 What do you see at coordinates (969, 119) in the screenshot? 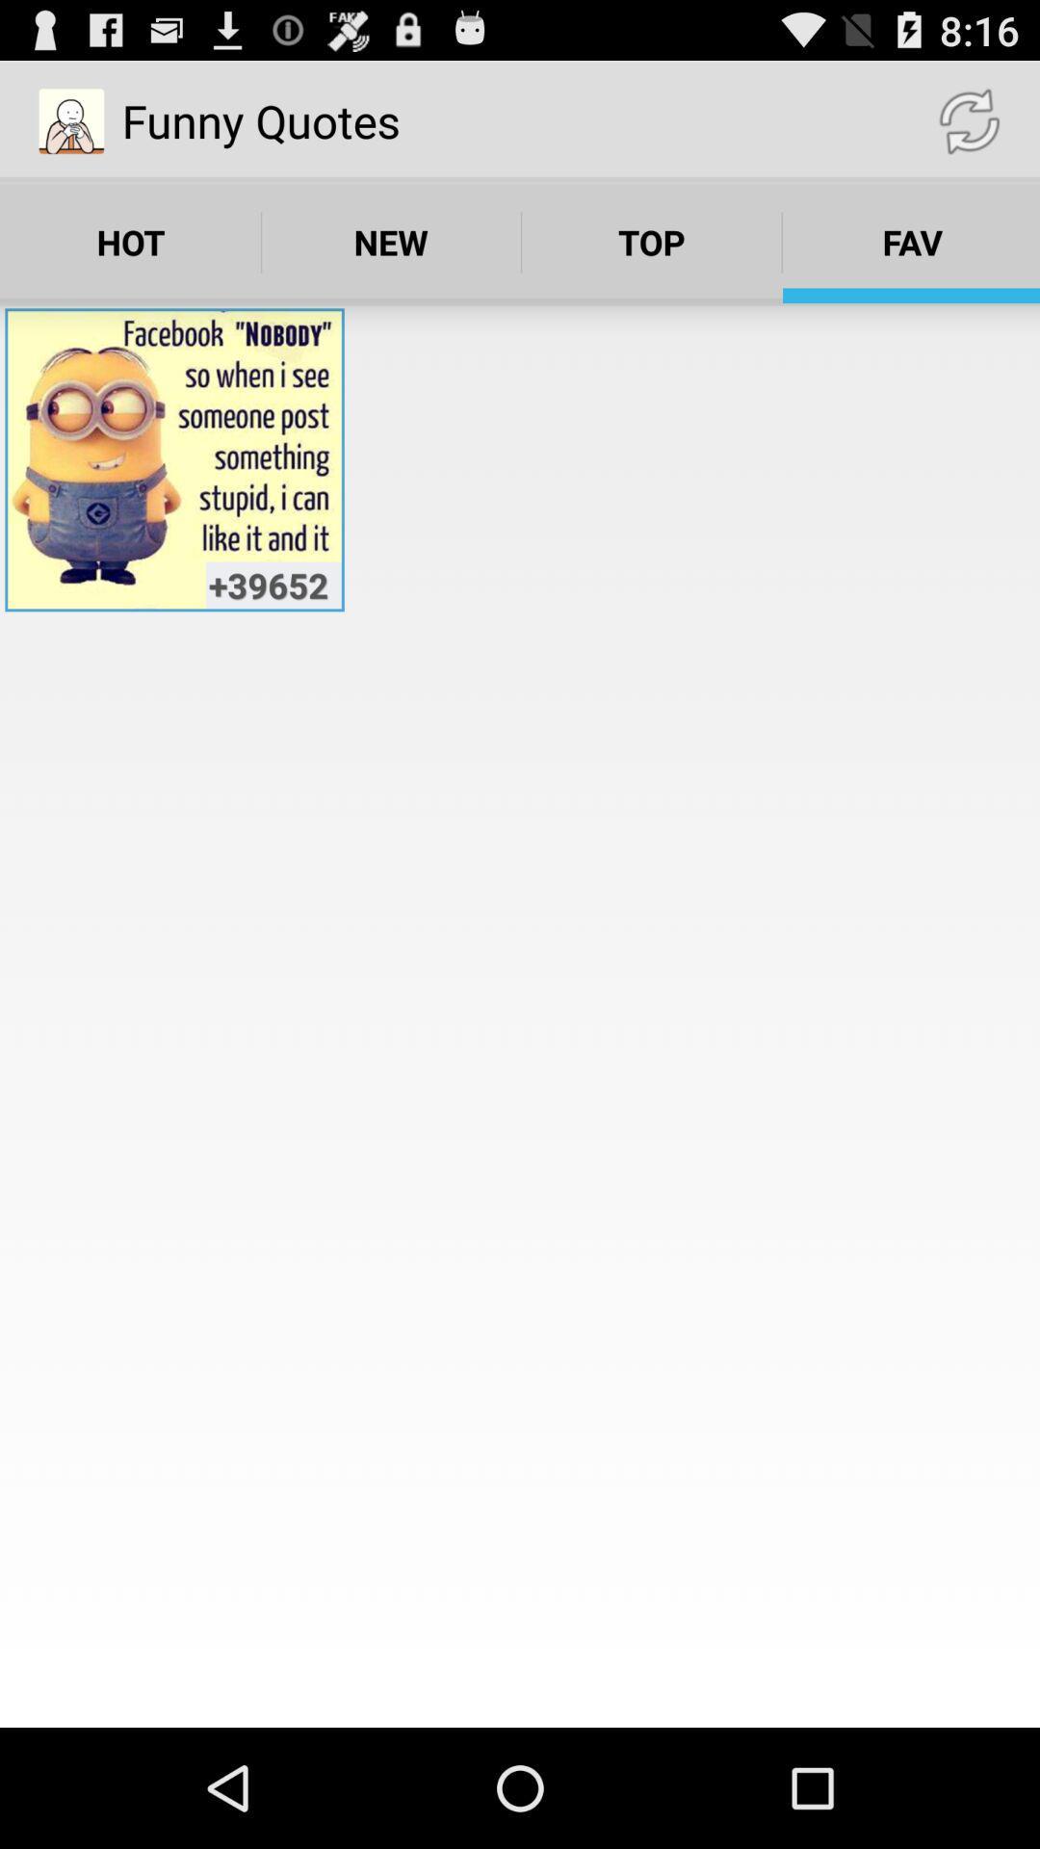
I see `app to the right of funny quotes app` at bounding box center [969, 119].